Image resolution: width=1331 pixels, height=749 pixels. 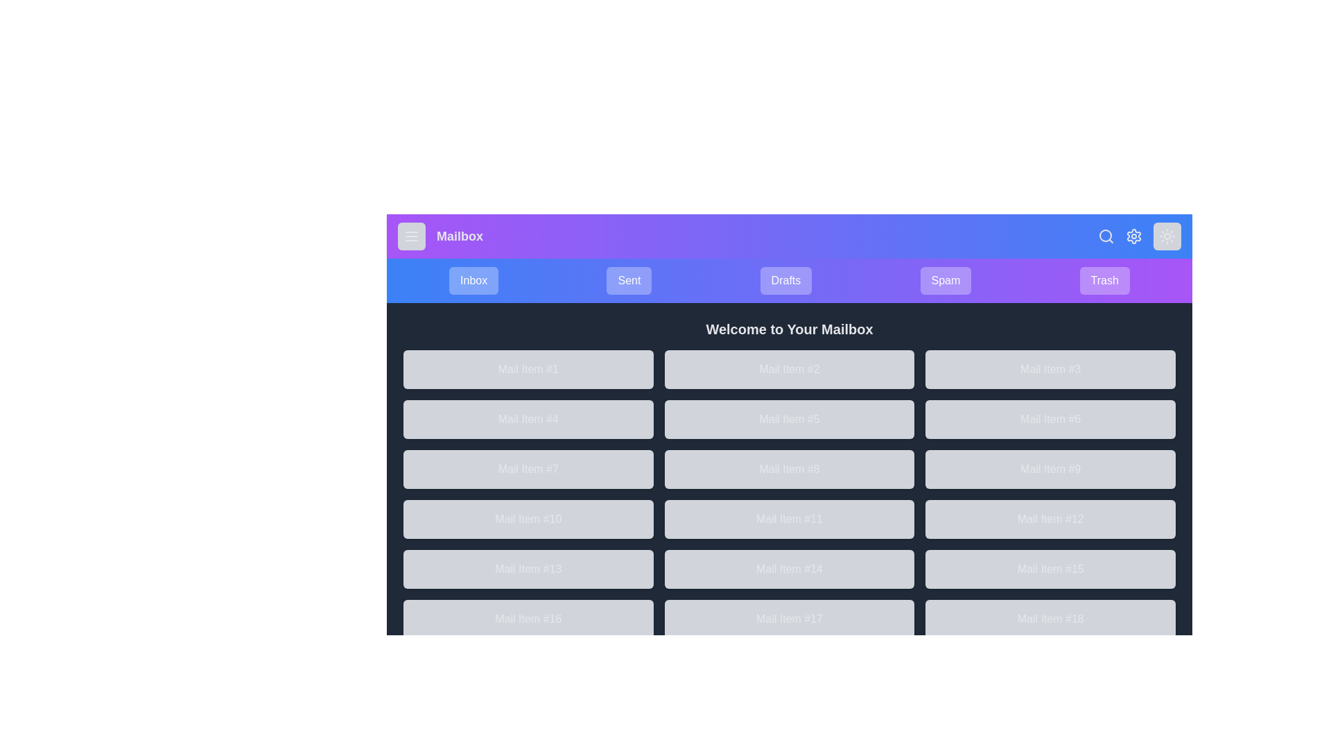 I want to click on the navigation or action element Settings, so click(x=1134, y=235).